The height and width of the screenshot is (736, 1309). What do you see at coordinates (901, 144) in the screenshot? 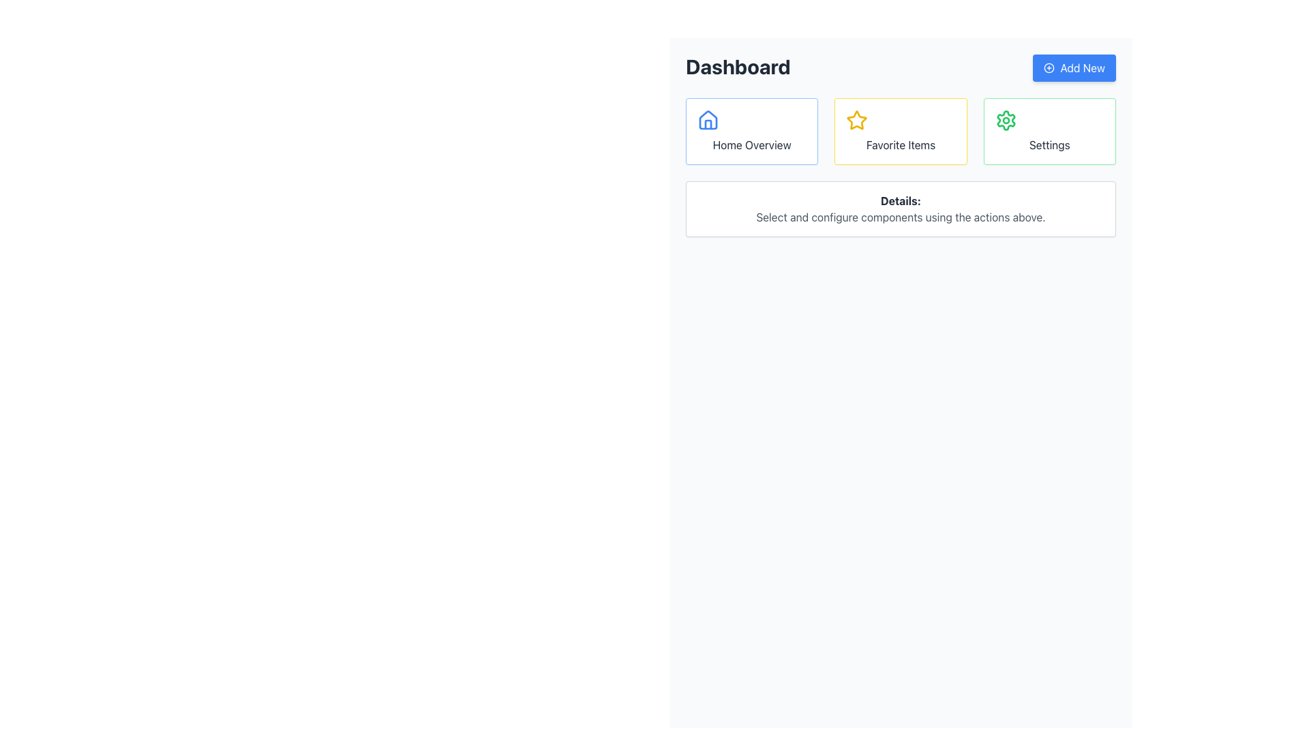
I see `'Favorite Items' text label, which is displayed in dark gray on a white background, centered within a yellow-bordered box` at bounding box center [901, 144].